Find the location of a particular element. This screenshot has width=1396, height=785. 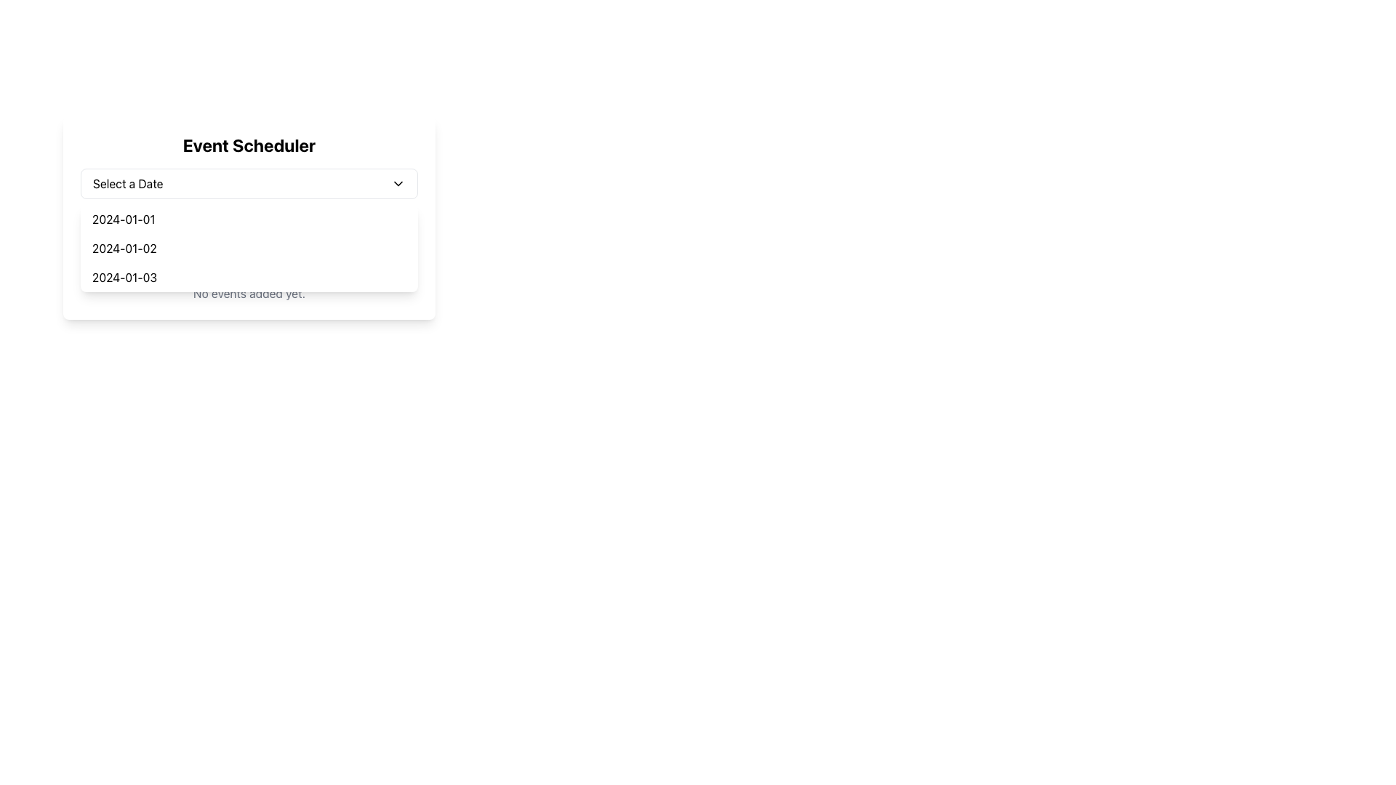

the list item in the dropdown menu is located at coordinates (249, 277).